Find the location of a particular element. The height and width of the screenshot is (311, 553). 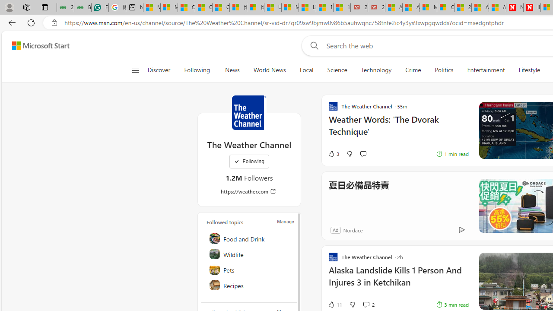

'21 Movies That Outdid the Books They Were Based On' is located at coordinates (376, 7).